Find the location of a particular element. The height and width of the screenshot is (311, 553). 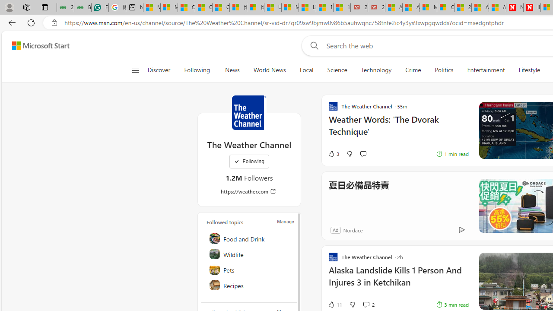

'21 Movies That Outdid the Books They Were Based On' is located at coordinates (376, 7).